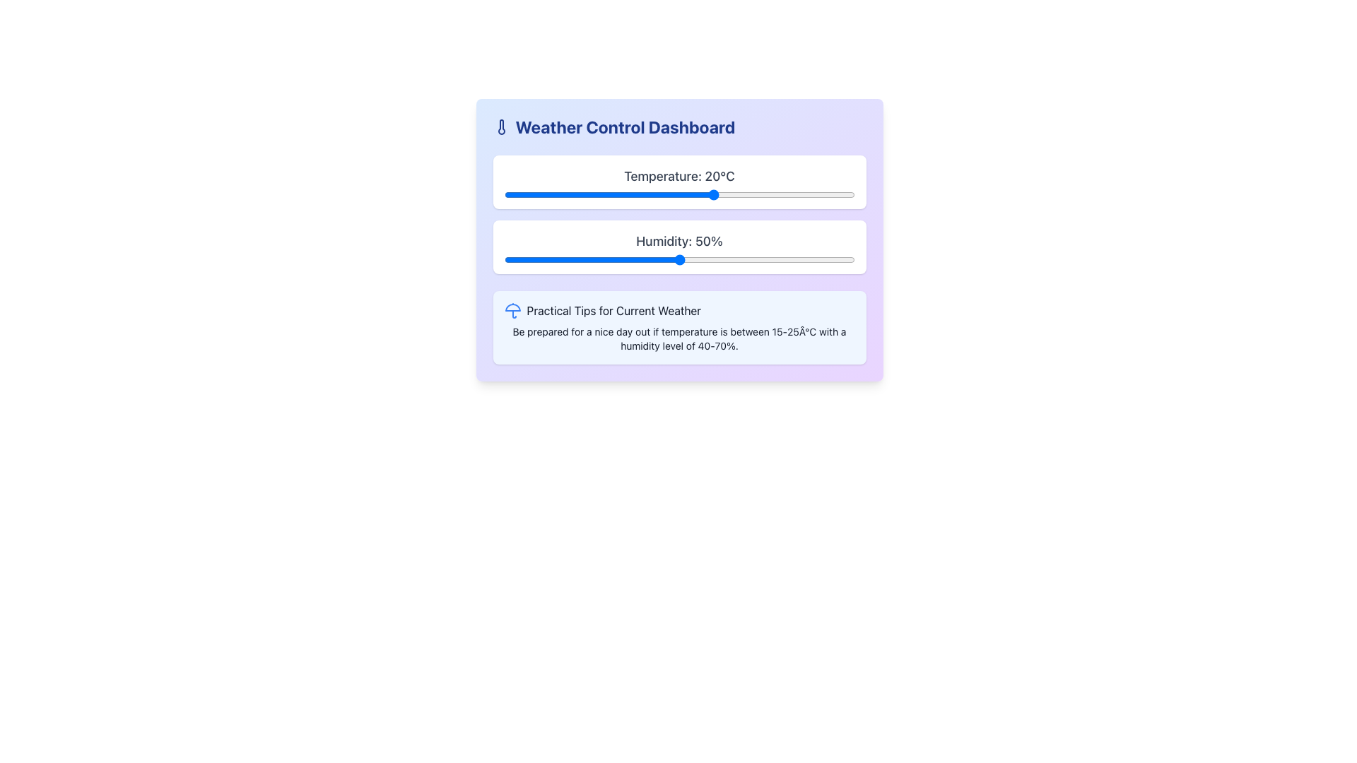 The image size is (1357, 763). I want to click on the humidity level, so click(770, 259).